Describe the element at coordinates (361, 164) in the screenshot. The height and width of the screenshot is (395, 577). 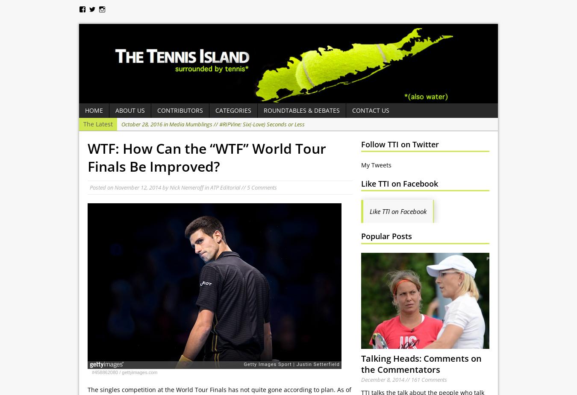
I see `'My Tweets'` at that location.